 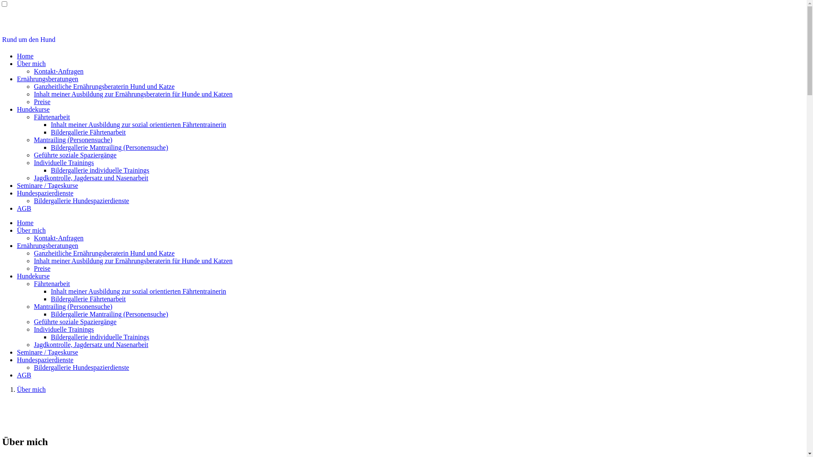 What do you see at coordinates (58, 238) in the screenshot?
I see `'Kontakt-Anfragen'` at bounding box center [58, 238].